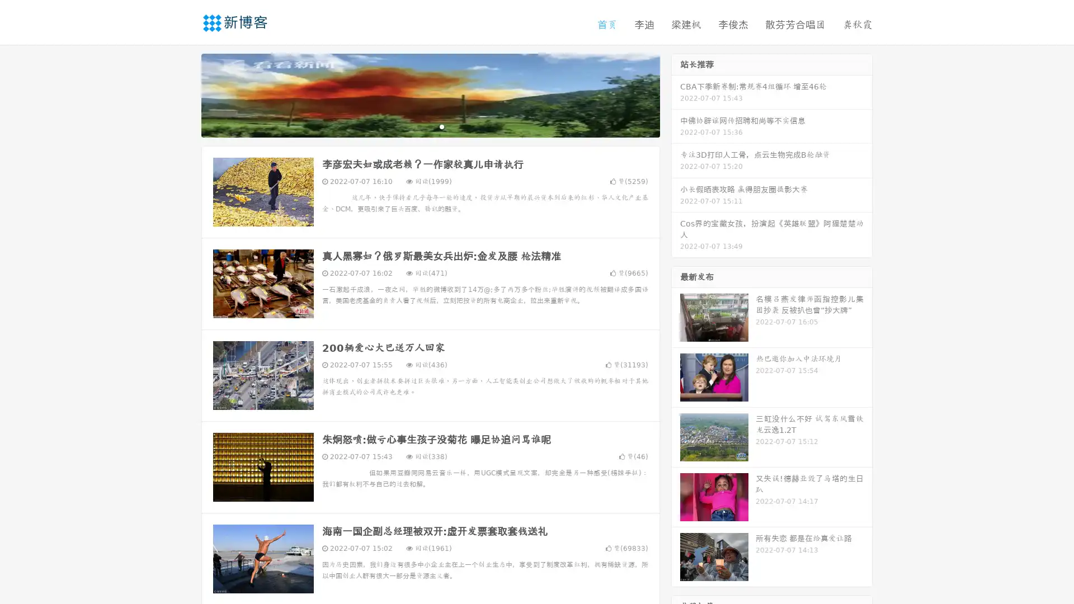 This screenshot has height=604, width=1074. What do you see at coordinates (418, 126) in the screenshot?
I see `Go to slide 1` at bounding box center [418, 126].